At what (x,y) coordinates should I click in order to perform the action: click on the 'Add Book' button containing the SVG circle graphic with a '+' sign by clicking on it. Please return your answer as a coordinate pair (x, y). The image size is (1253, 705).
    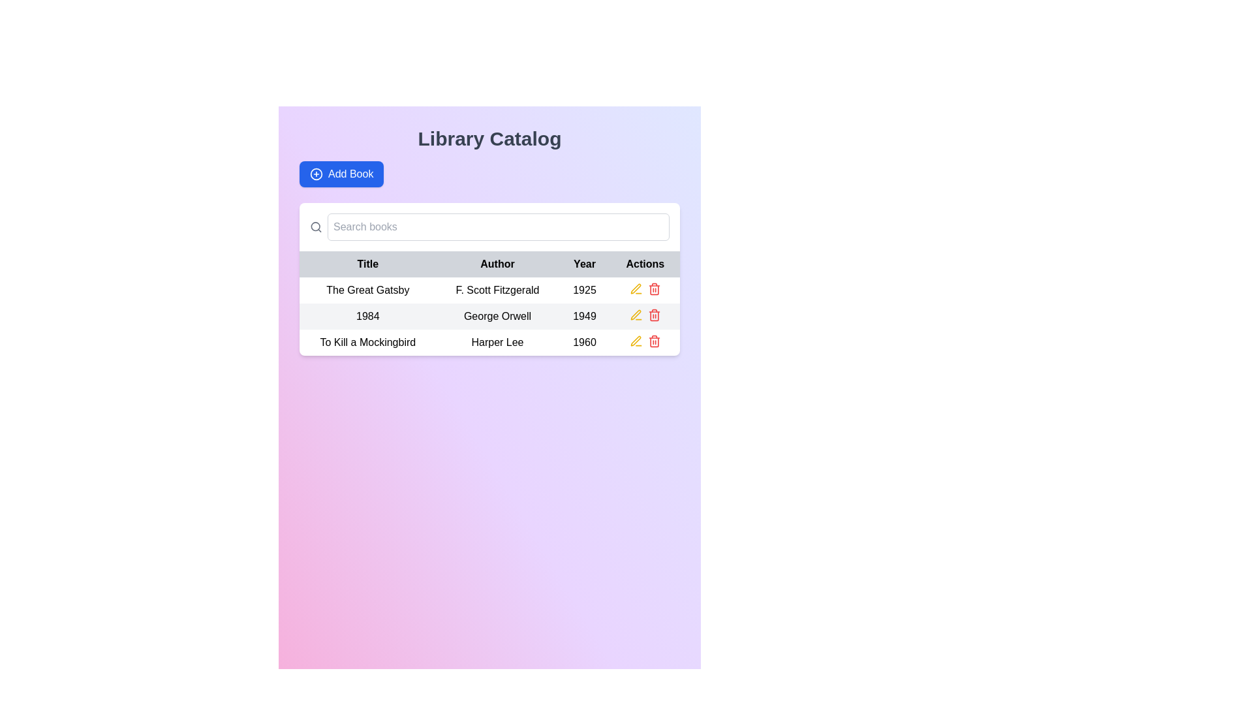
    Looking at the image, I should click on (316, 173).